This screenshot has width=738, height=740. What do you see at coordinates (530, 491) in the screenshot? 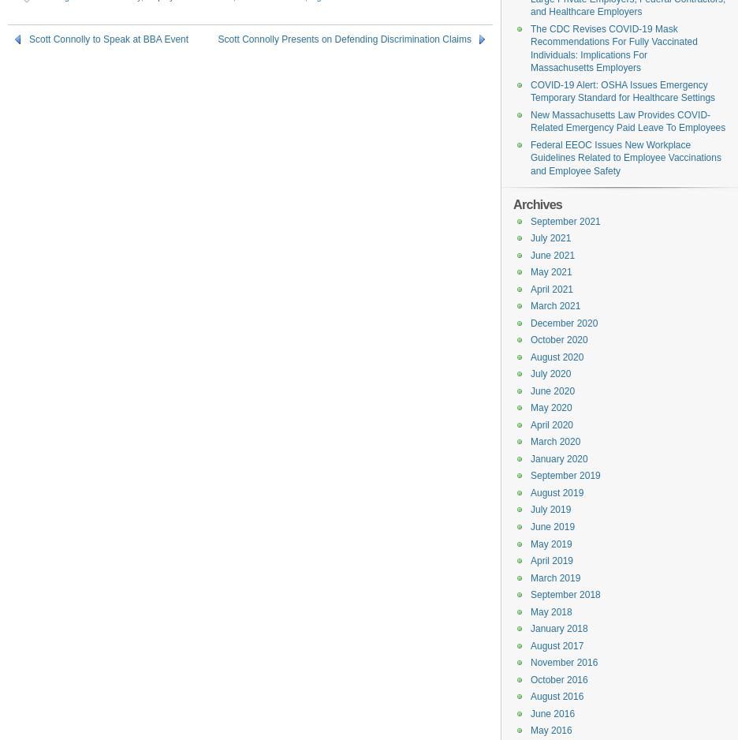
I see `'August 2019'` at bounding box center [530, 491].